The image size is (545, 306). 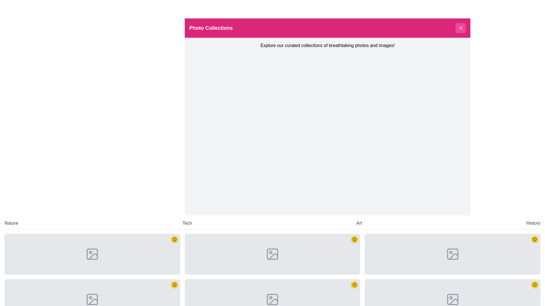 What do you see at coordinates (174, 239) in the screenshot?
I see `the favorite toggle icon button located in the top-right corner of the rectangular card` at bounding box center [174, 239].